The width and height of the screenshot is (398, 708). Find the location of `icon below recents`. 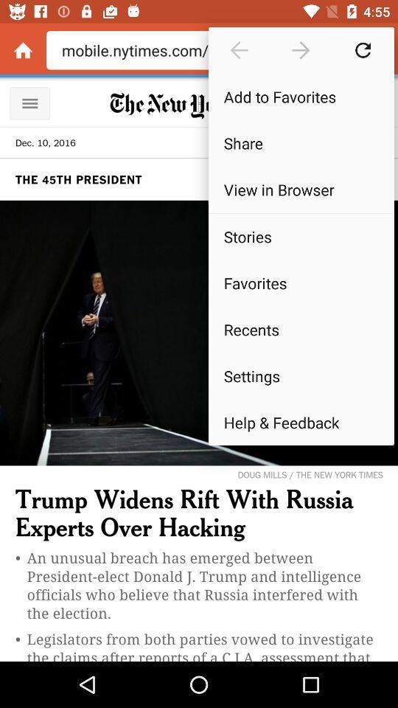

icon below recents is located at coordinates (300, 375).